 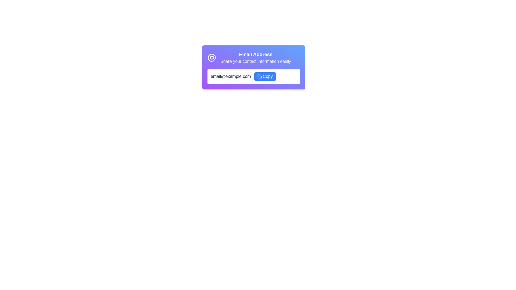 I want to click on the button located to the right of the email address 'email@example.com', so click(x=265, y=77).